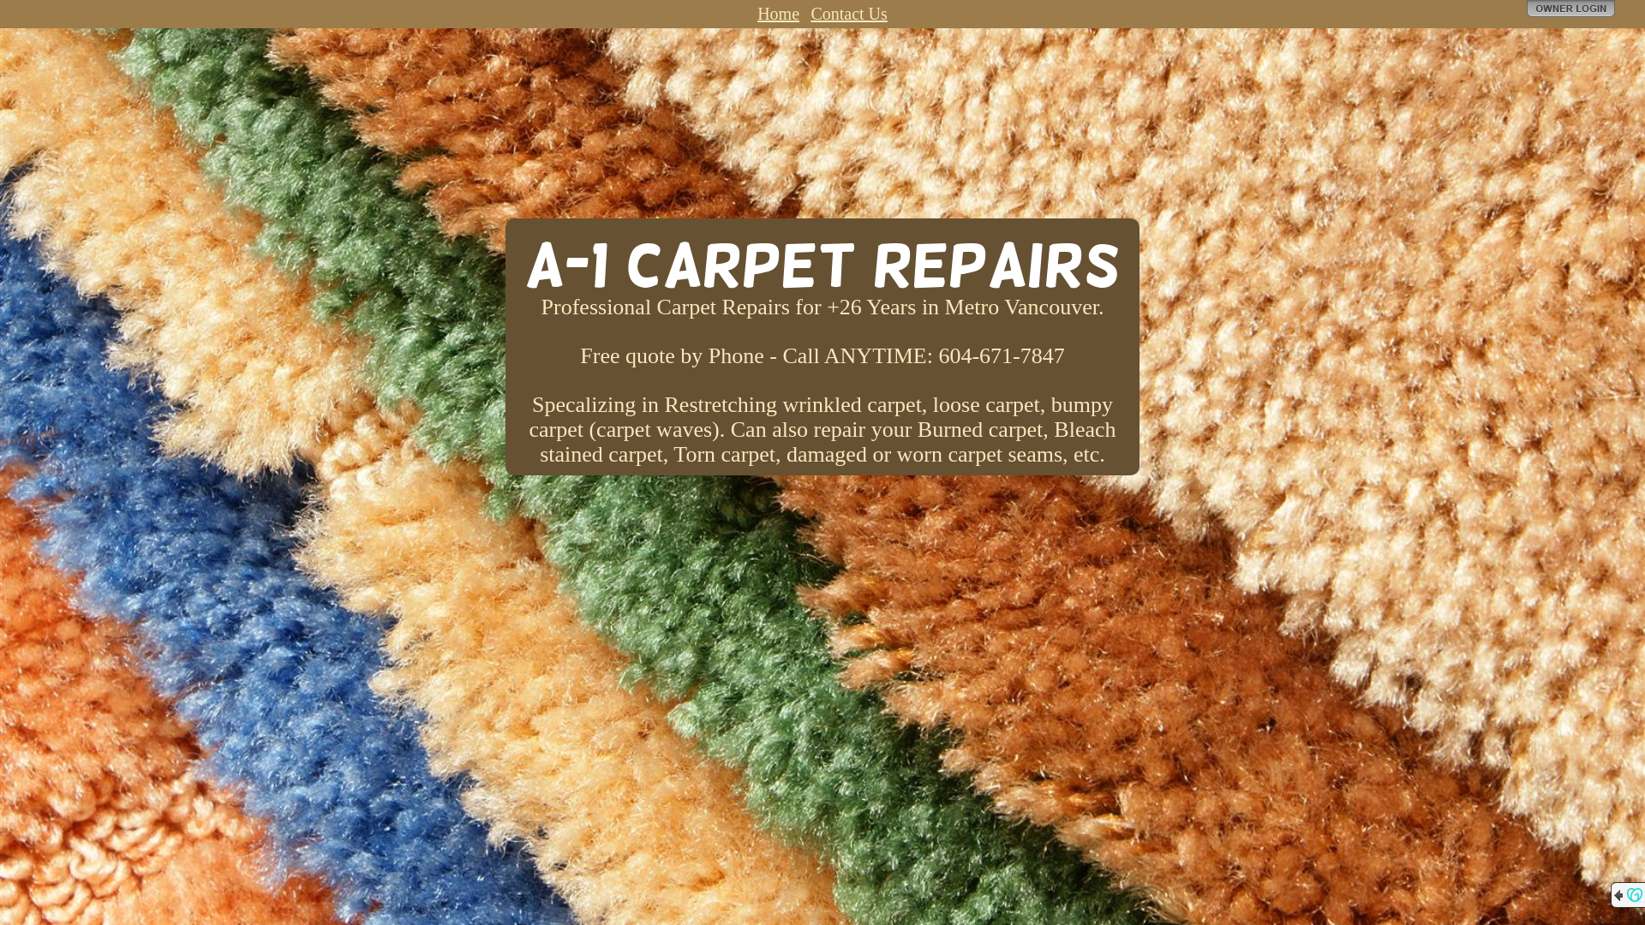  Describe the element at coordinates (777, 13) in the screenshot. I see `'Home'` at that location.